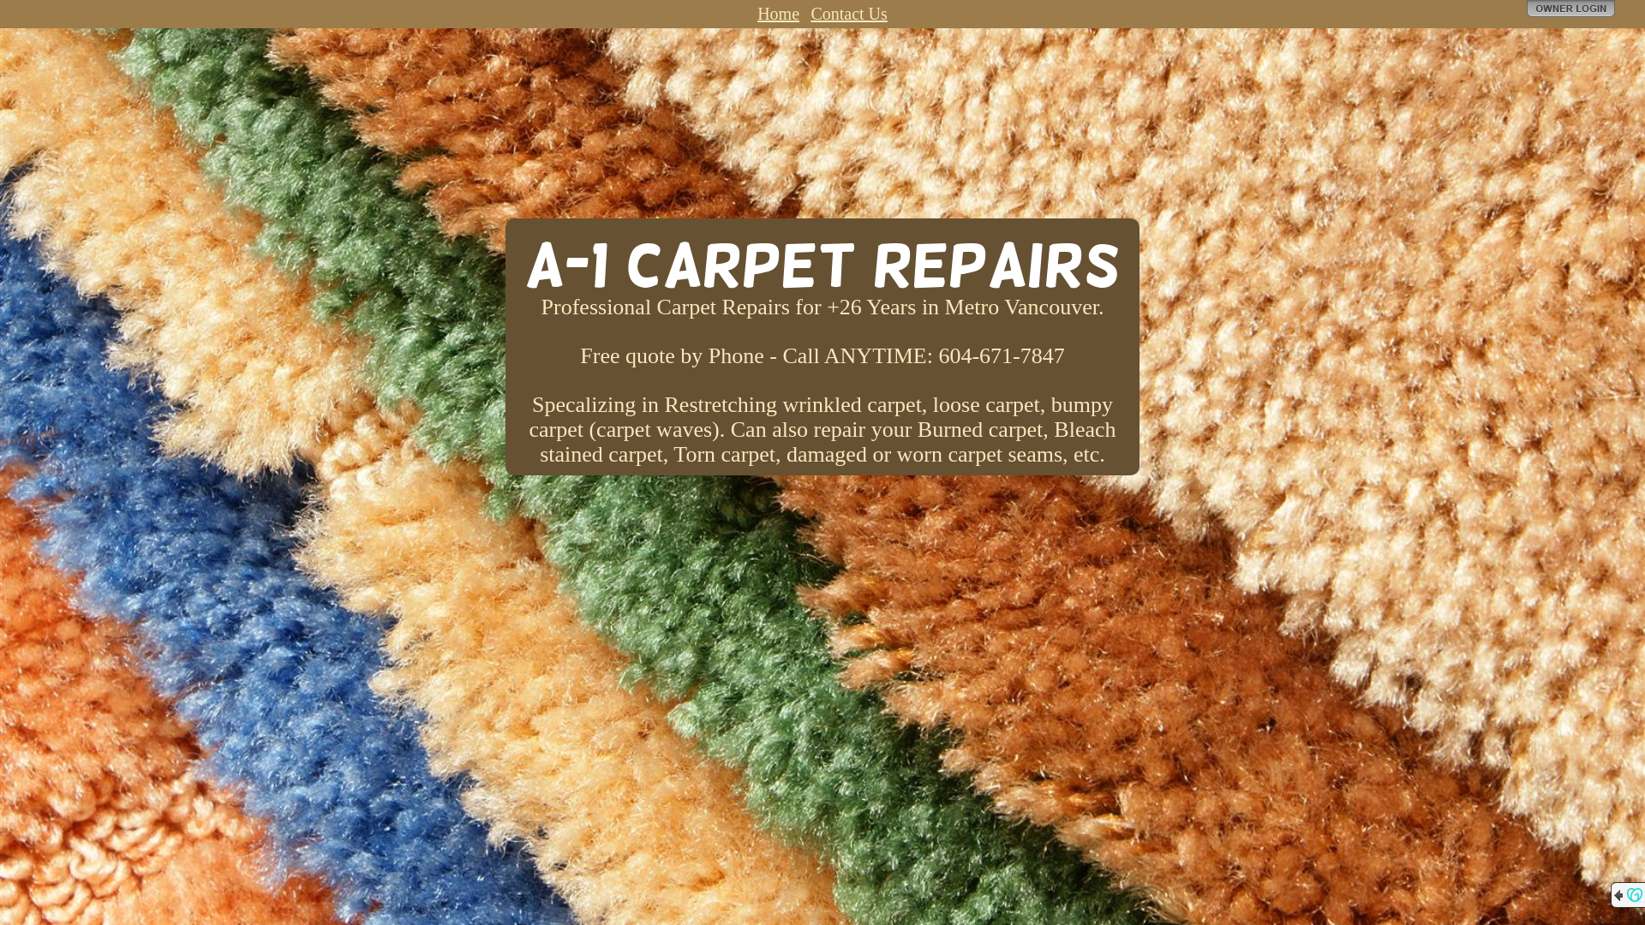  Describe the element at coordinates (777, 13) in the screenshot. I see `'Home'` at that location.